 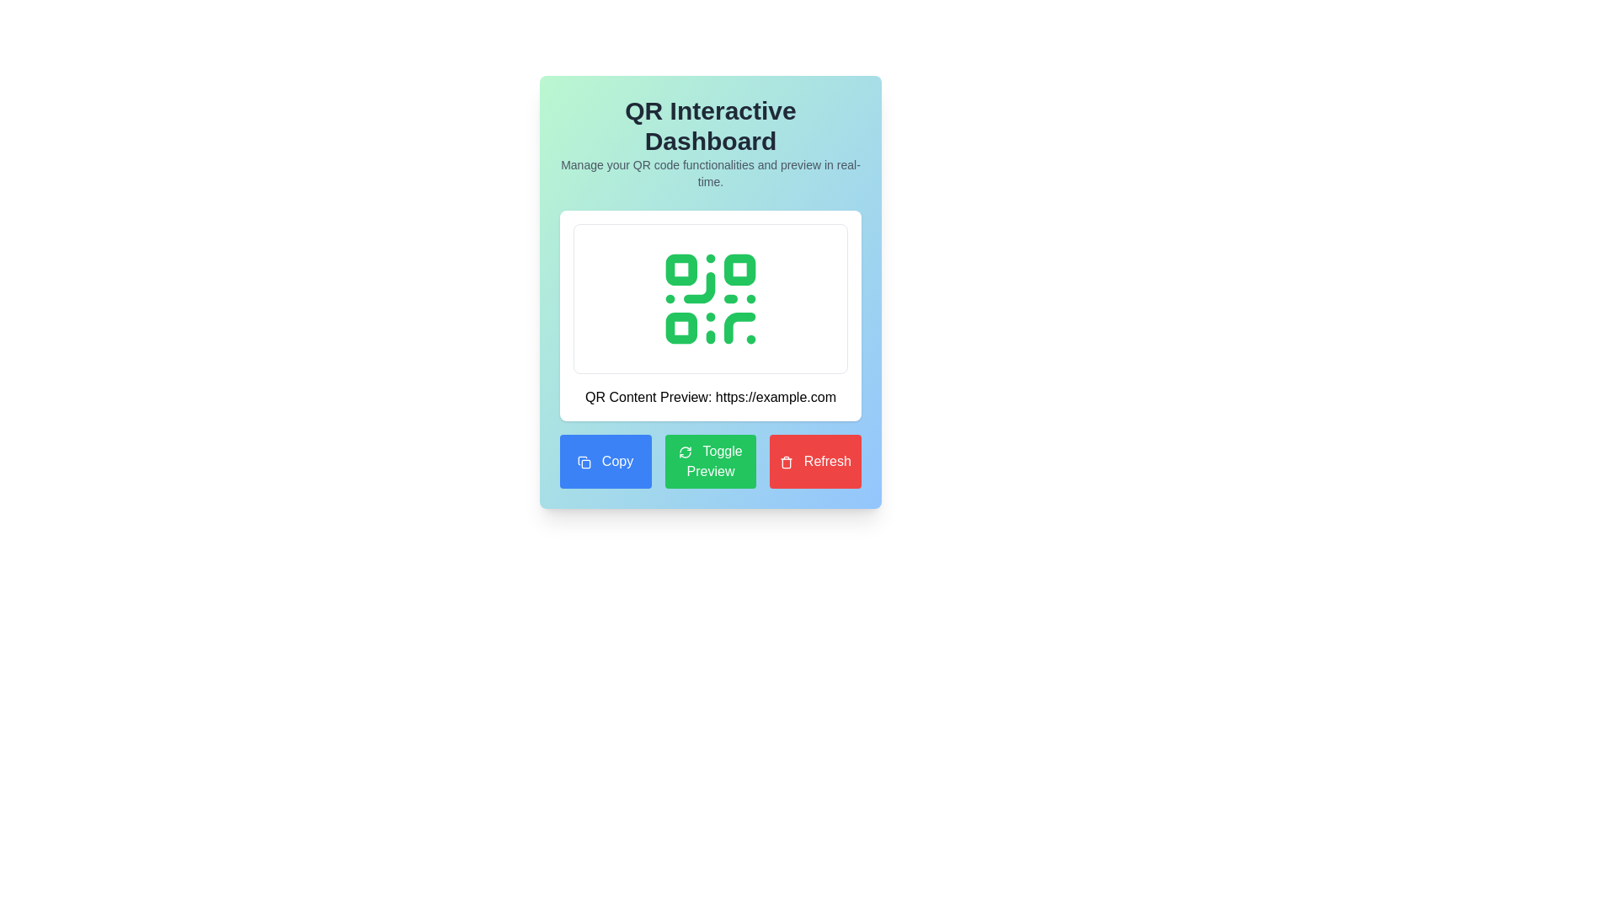 What do you see at coordinates (739, 269) in the screenshot?
I see `the second square block from the top within the QR code graphic in the QR Interactive Dashboard` at bounding box center [739, 269].